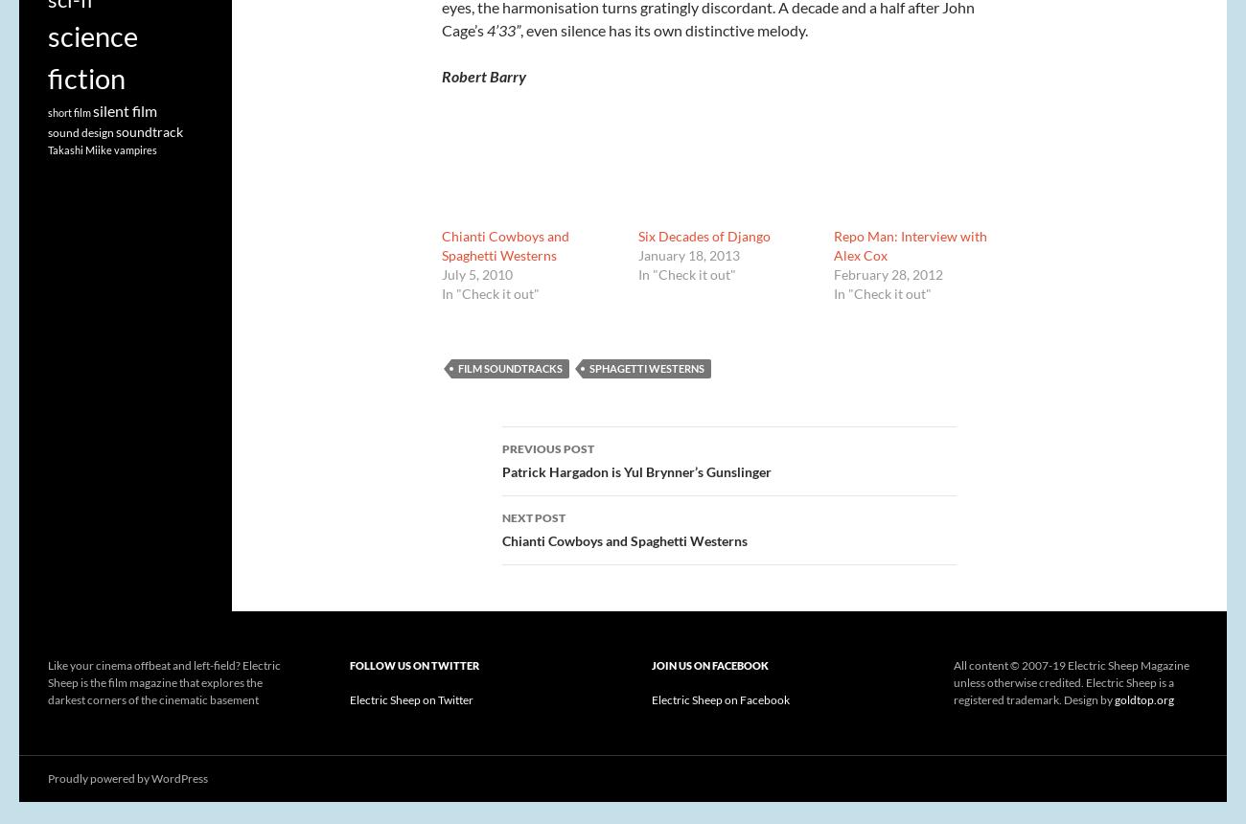 This screenshot has height=824, width=1246. I want to click on 'Next Post', so click(533, 517).